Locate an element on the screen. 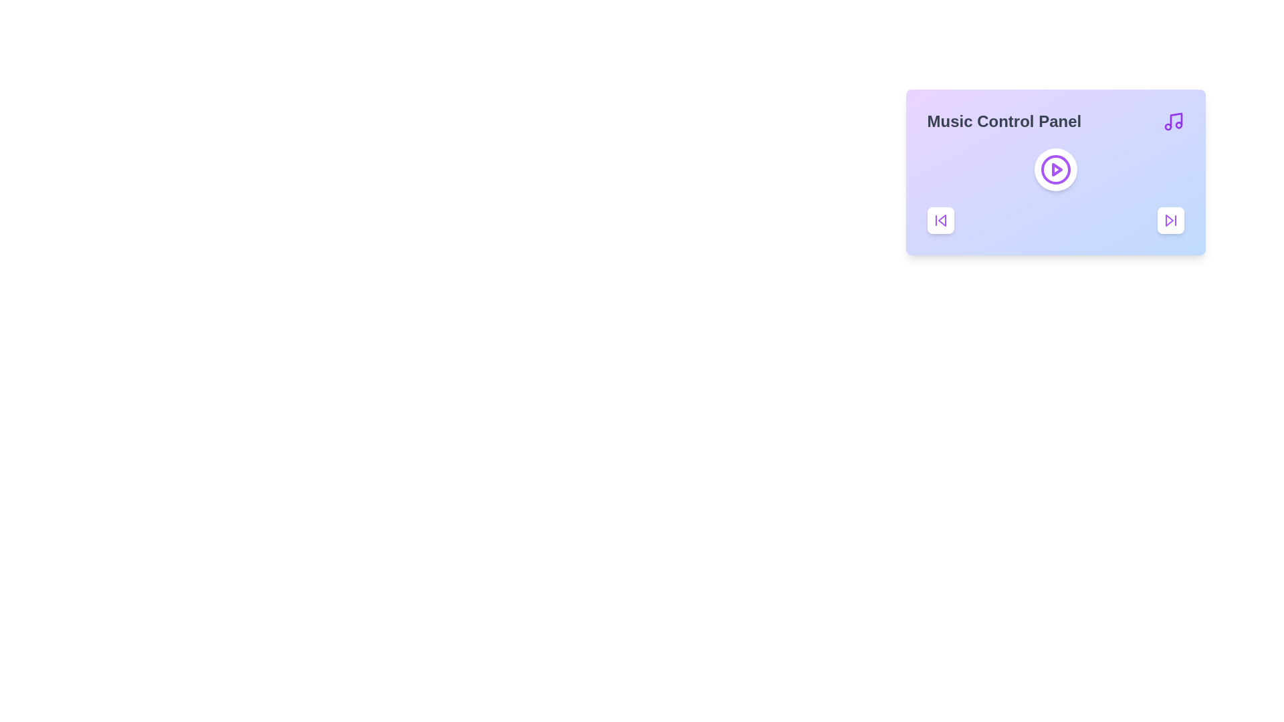  the circular play button with a purple outline and white fill, located in the Music Control Panel, to play media is located at coordinates (1055, 169).